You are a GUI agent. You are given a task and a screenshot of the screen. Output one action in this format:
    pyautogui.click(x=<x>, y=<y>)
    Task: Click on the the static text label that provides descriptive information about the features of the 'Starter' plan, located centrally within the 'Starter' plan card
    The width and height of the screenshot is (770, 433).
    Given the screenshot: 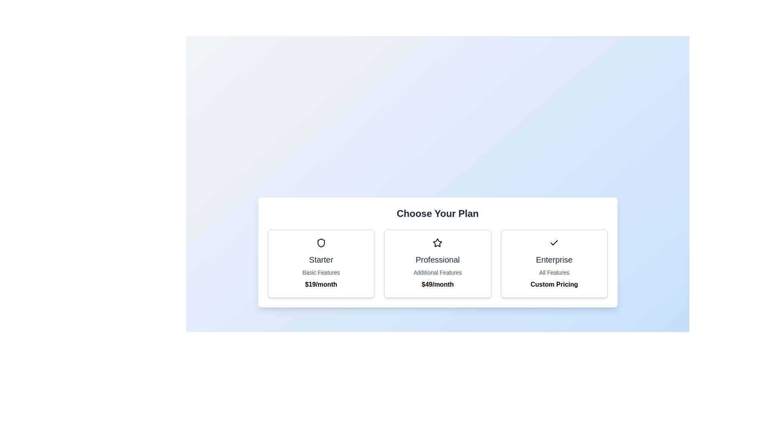 What is the action you would take?
    pyautogui.click(x=321, y=272)
    